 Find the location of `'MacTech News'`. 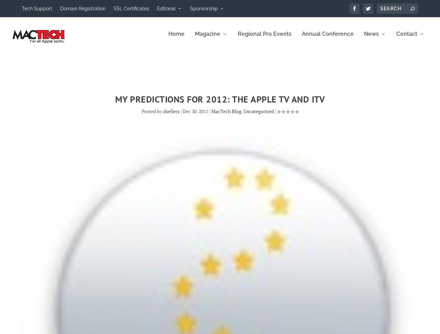

'MacTech News' is located at coordinates (384, 94).